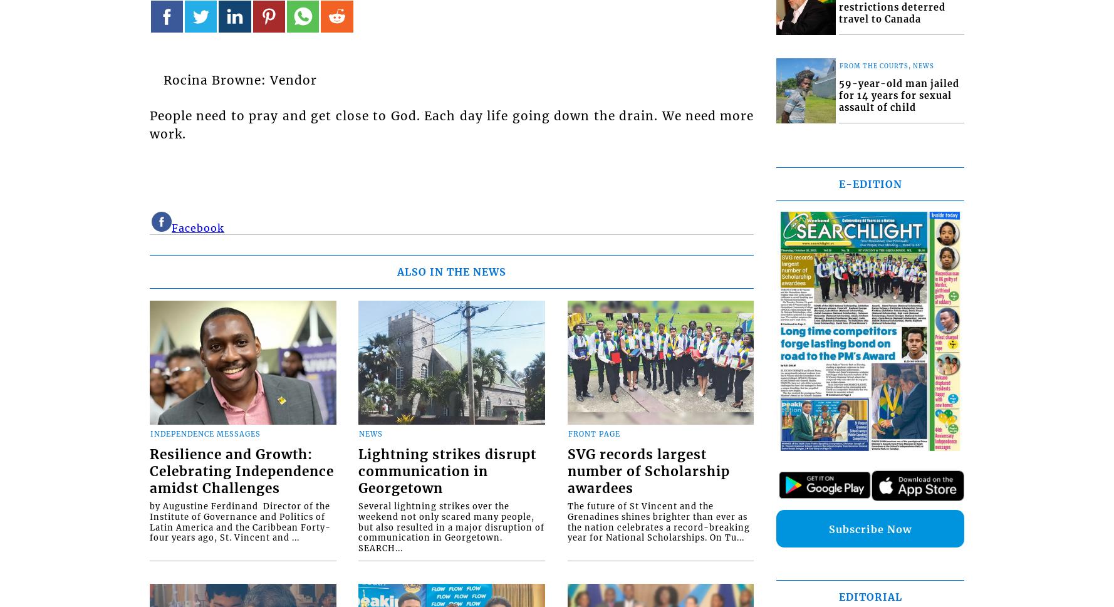  What do you see at coordinates (658, 521) in the screenshot?
I see `'The future of St Vincent and the Grenadines shines brighter than ever as the nation celebrates a record-breaking year for National Scholarships. On Tu...'` at bounding box center [658, 521].